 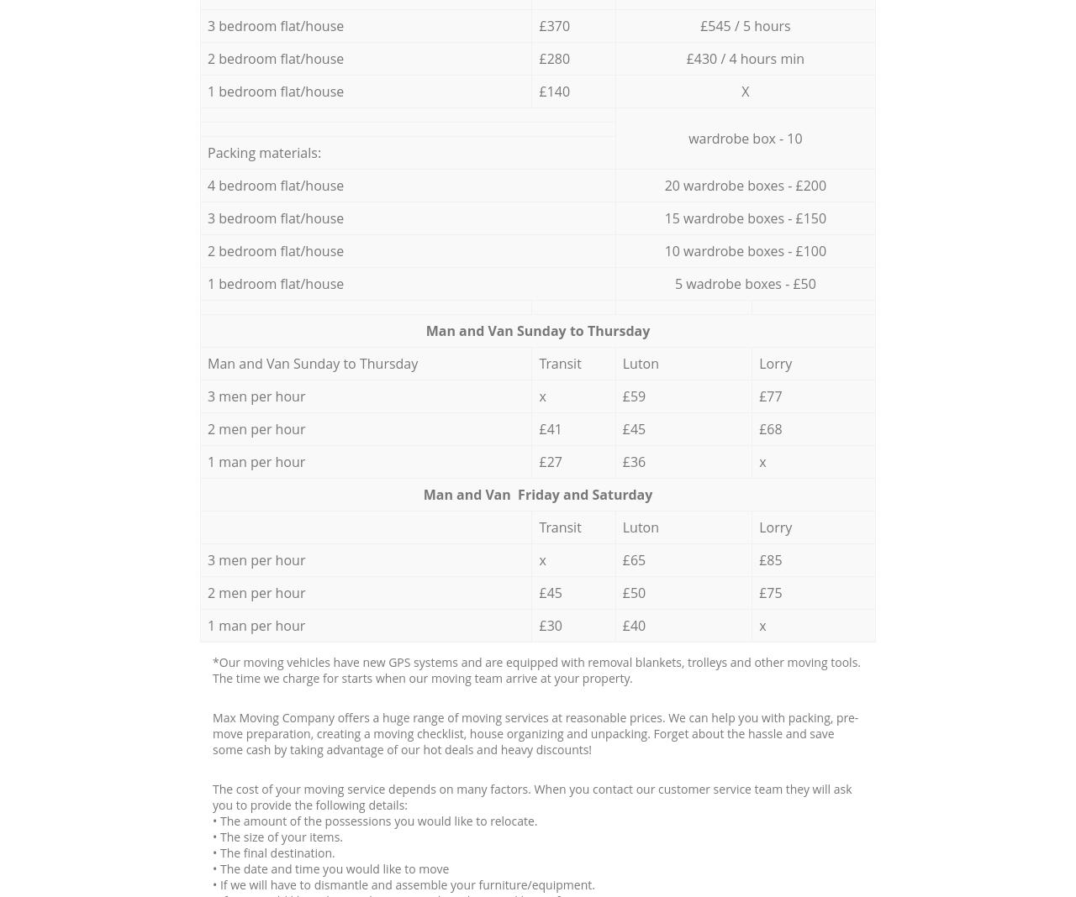 I want to click on 'Max Moving Company offers a huge range of moving services at reasonable prices. We can help you with packing, pre-move preparation, creating a moving checklist, house organizing and unpacking. Forget about the hassle and save some cash by taking advantage of our hot deals and heavy discounts!', so click(x=212, y=732).